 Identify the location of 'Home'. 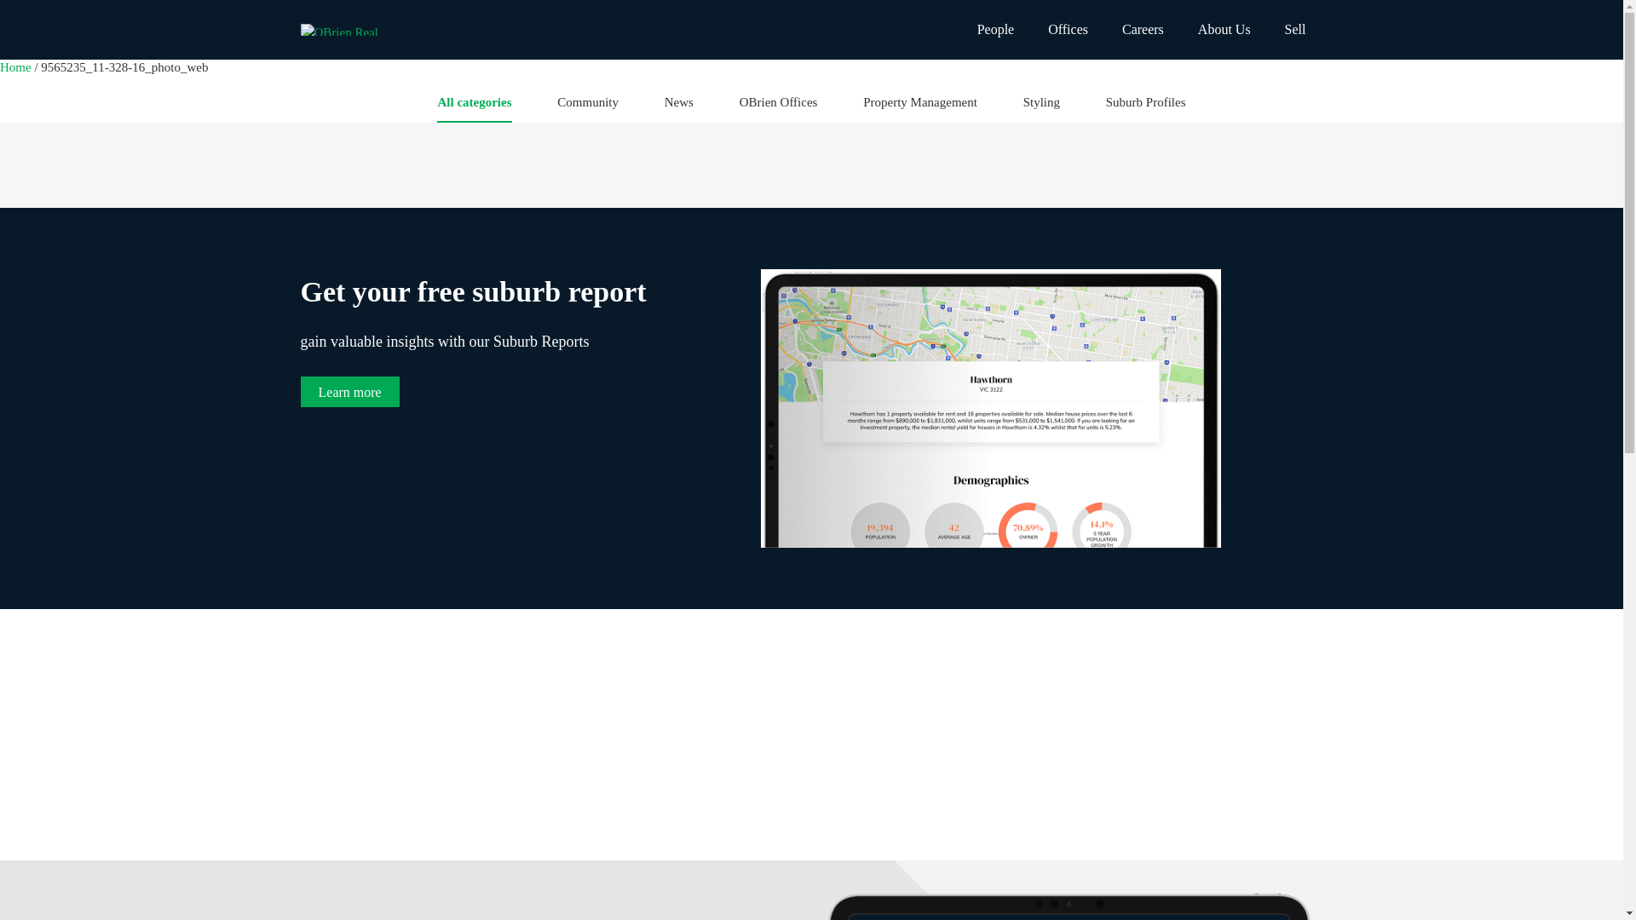
(16, 66).